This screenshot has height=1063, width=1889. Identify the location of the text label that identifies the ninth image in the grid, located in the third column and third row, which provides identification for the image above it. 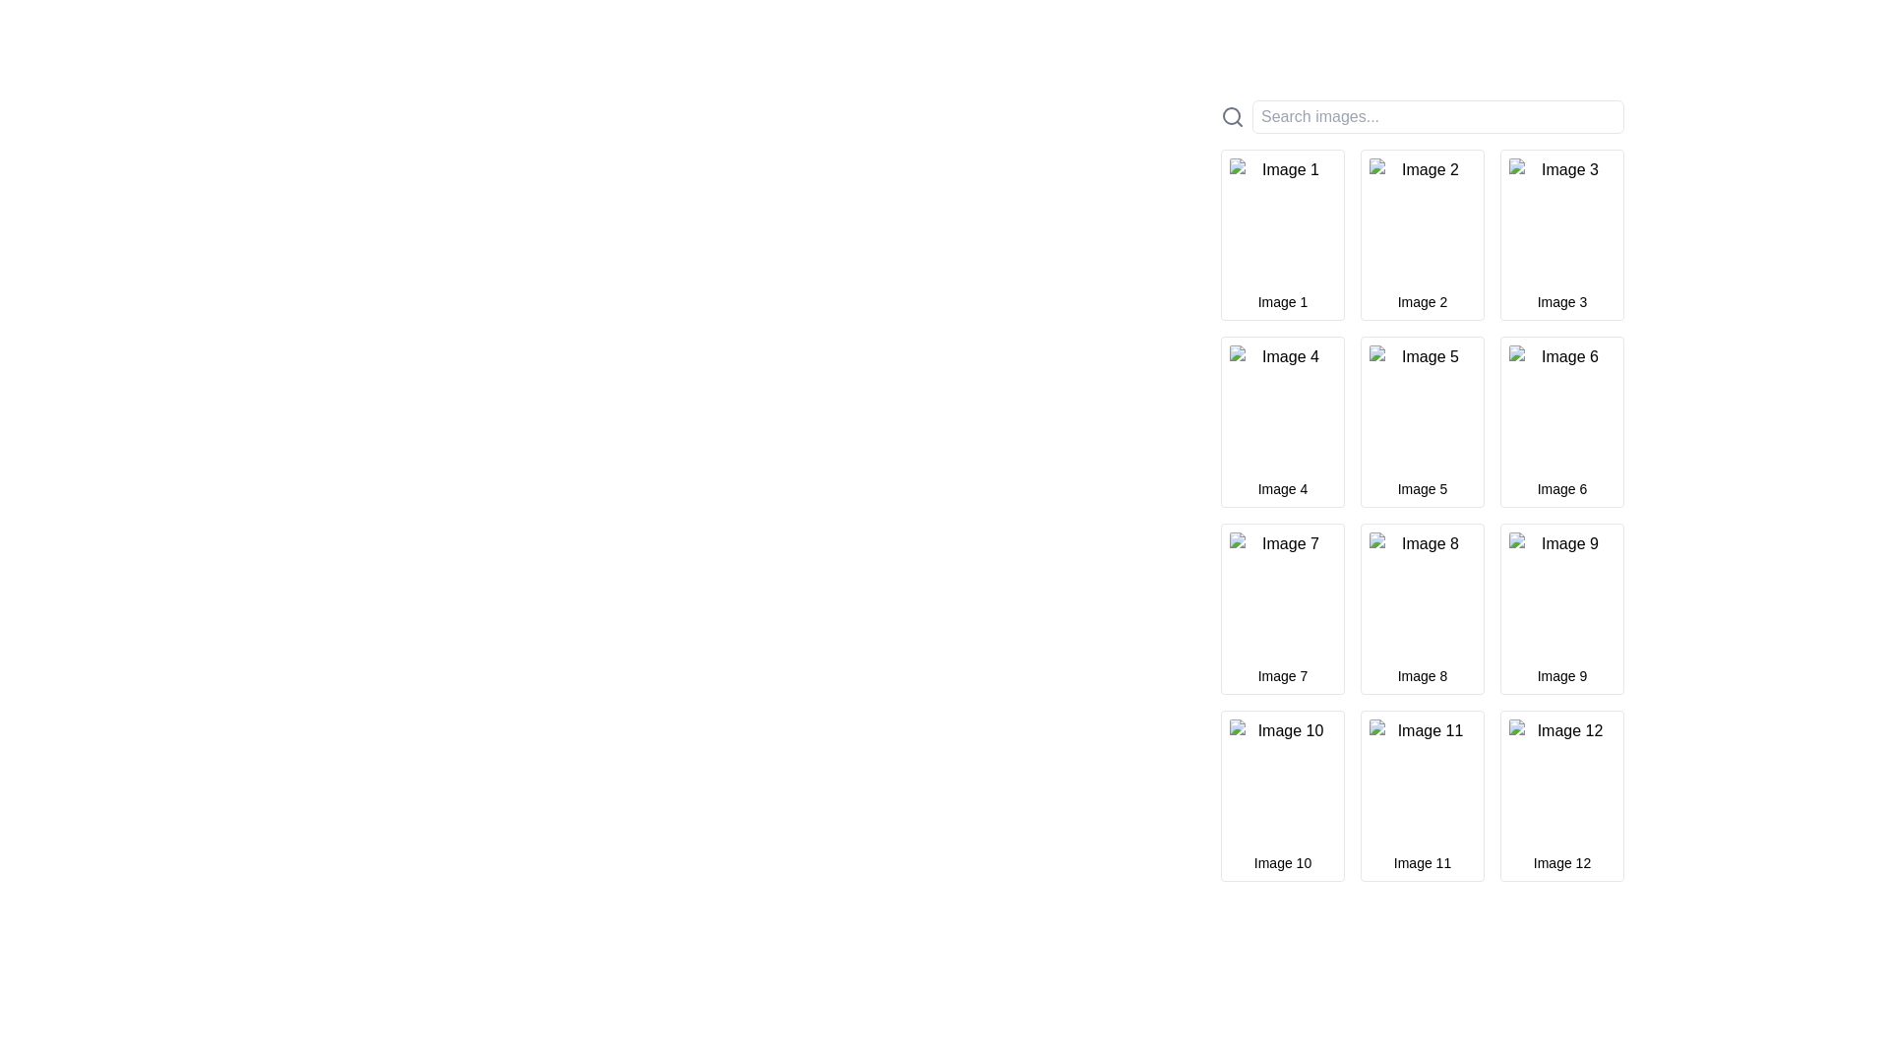
(1561, 674).